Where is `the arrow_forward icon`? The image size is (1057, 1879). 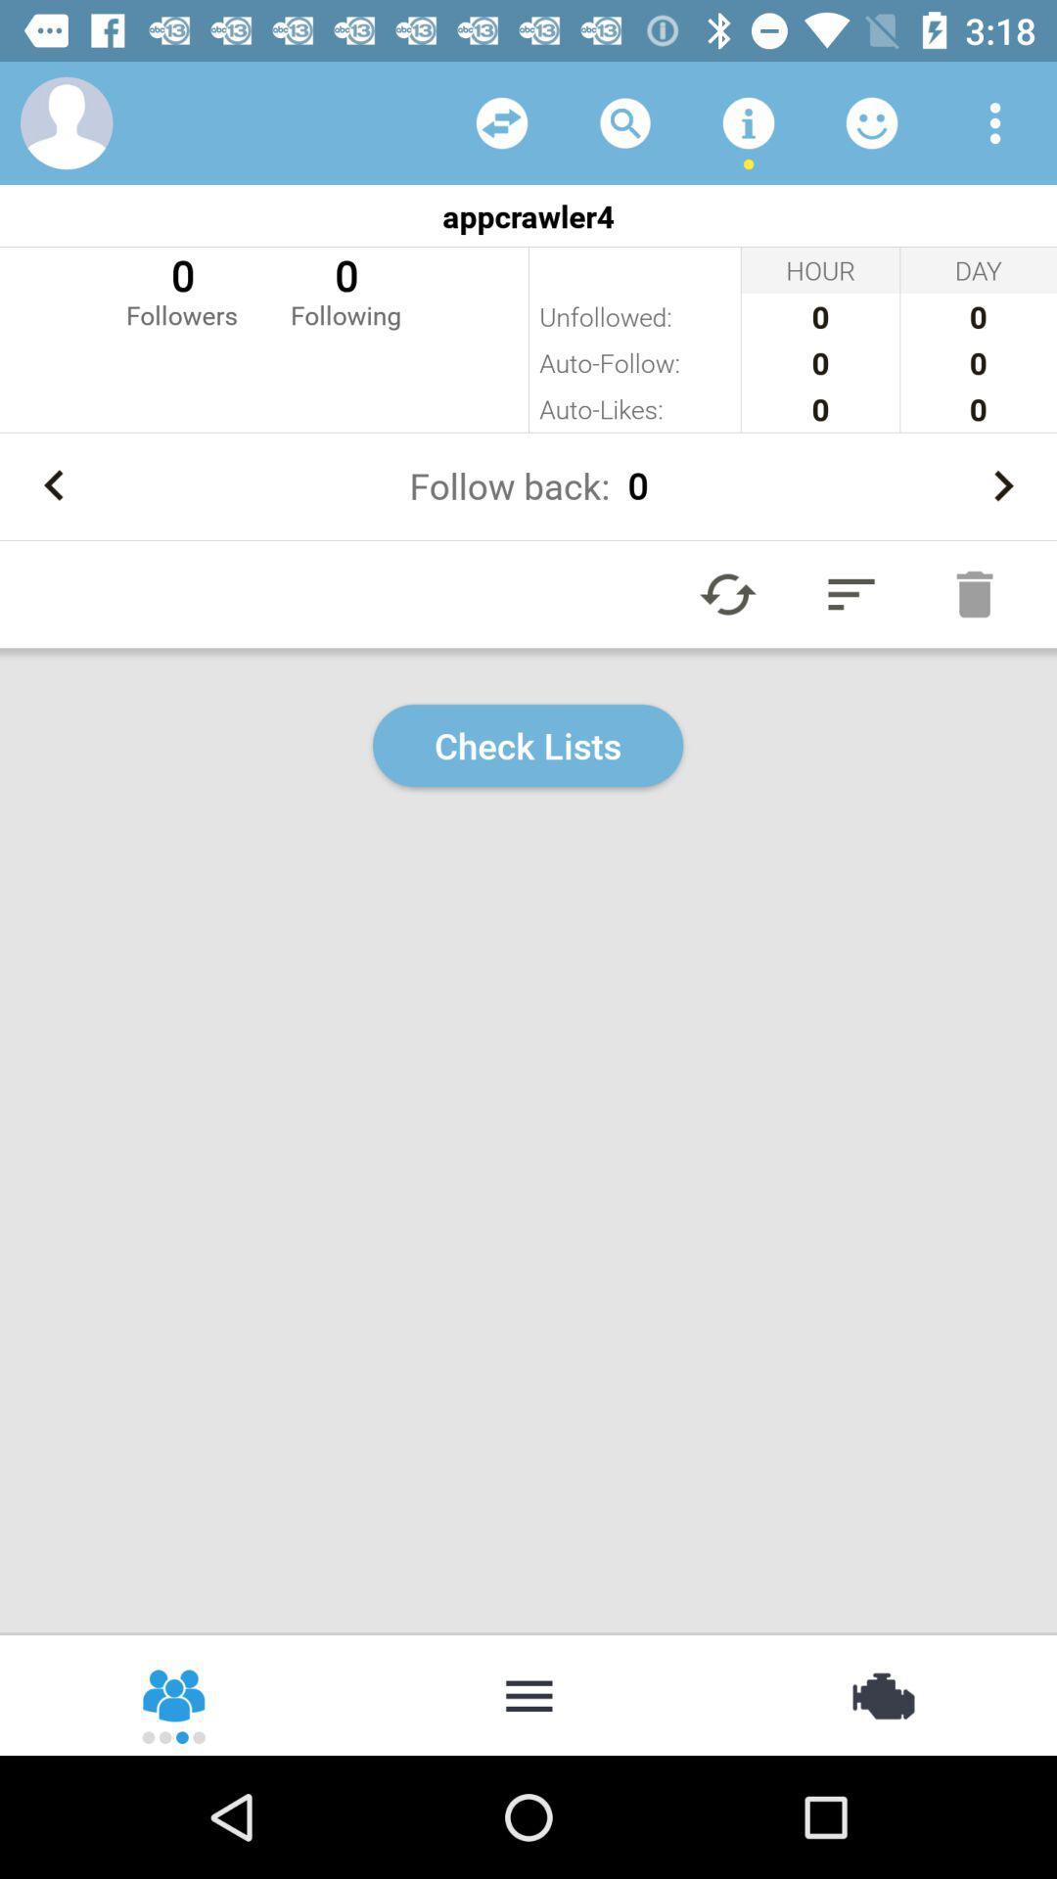 the arrow_forward icon is located at coordinates (1002, 485).